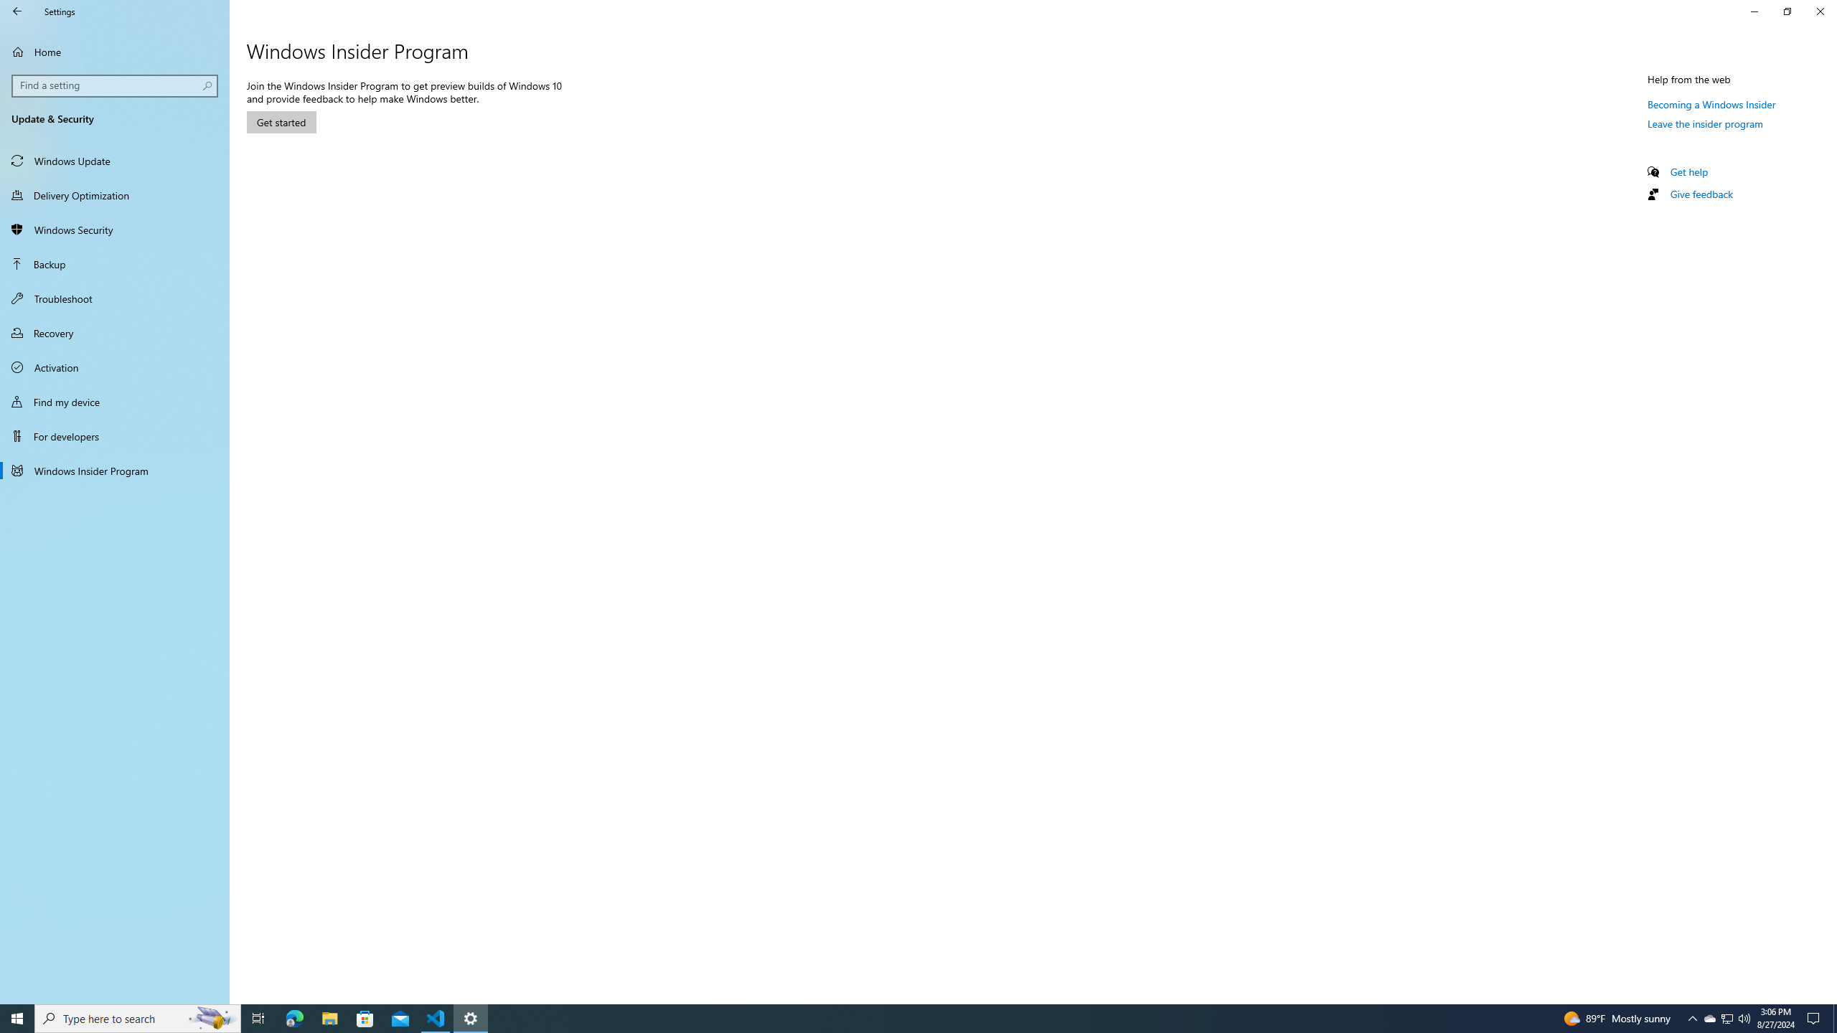 The image size is (1837, 1033). I want to click on 'Get started', so click(281, 121).